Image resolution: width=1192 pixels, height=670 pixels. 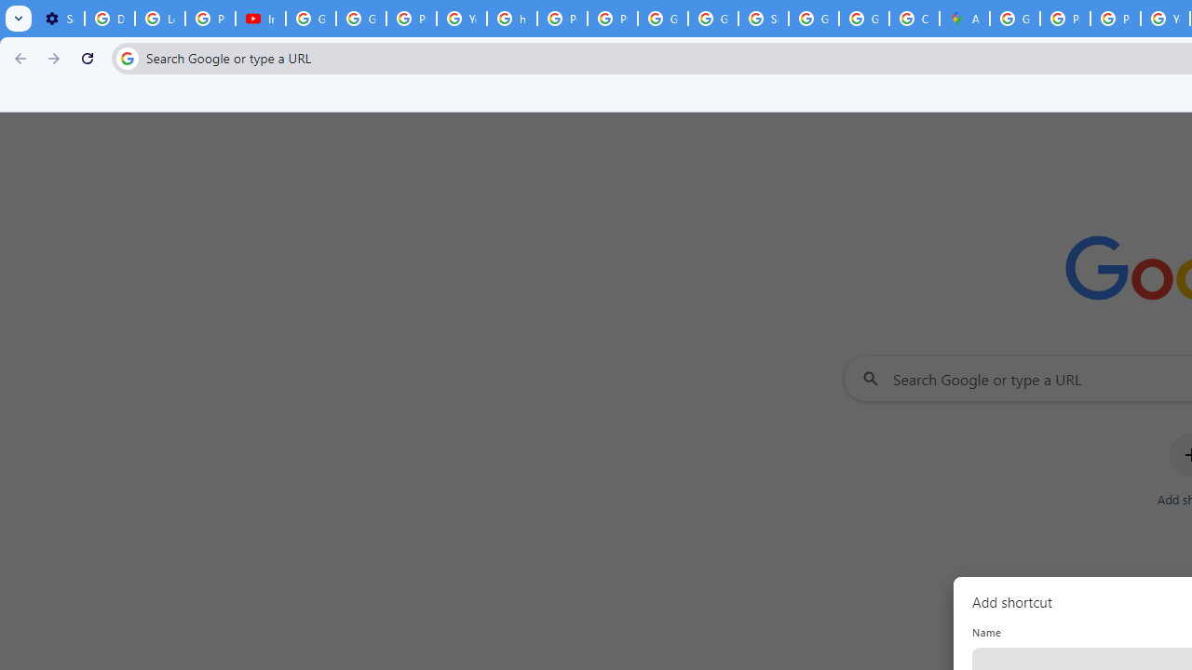 What do you see at coordinates (462, 19) in the screenshot?
I see `'YouTube'` at bounding box center [462, 19].